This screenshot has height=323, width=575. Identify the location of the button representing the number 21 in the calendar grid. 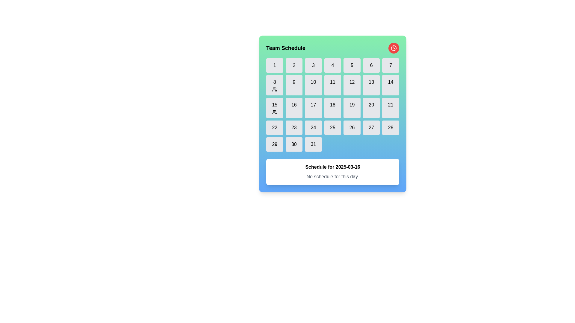
(391, 108).